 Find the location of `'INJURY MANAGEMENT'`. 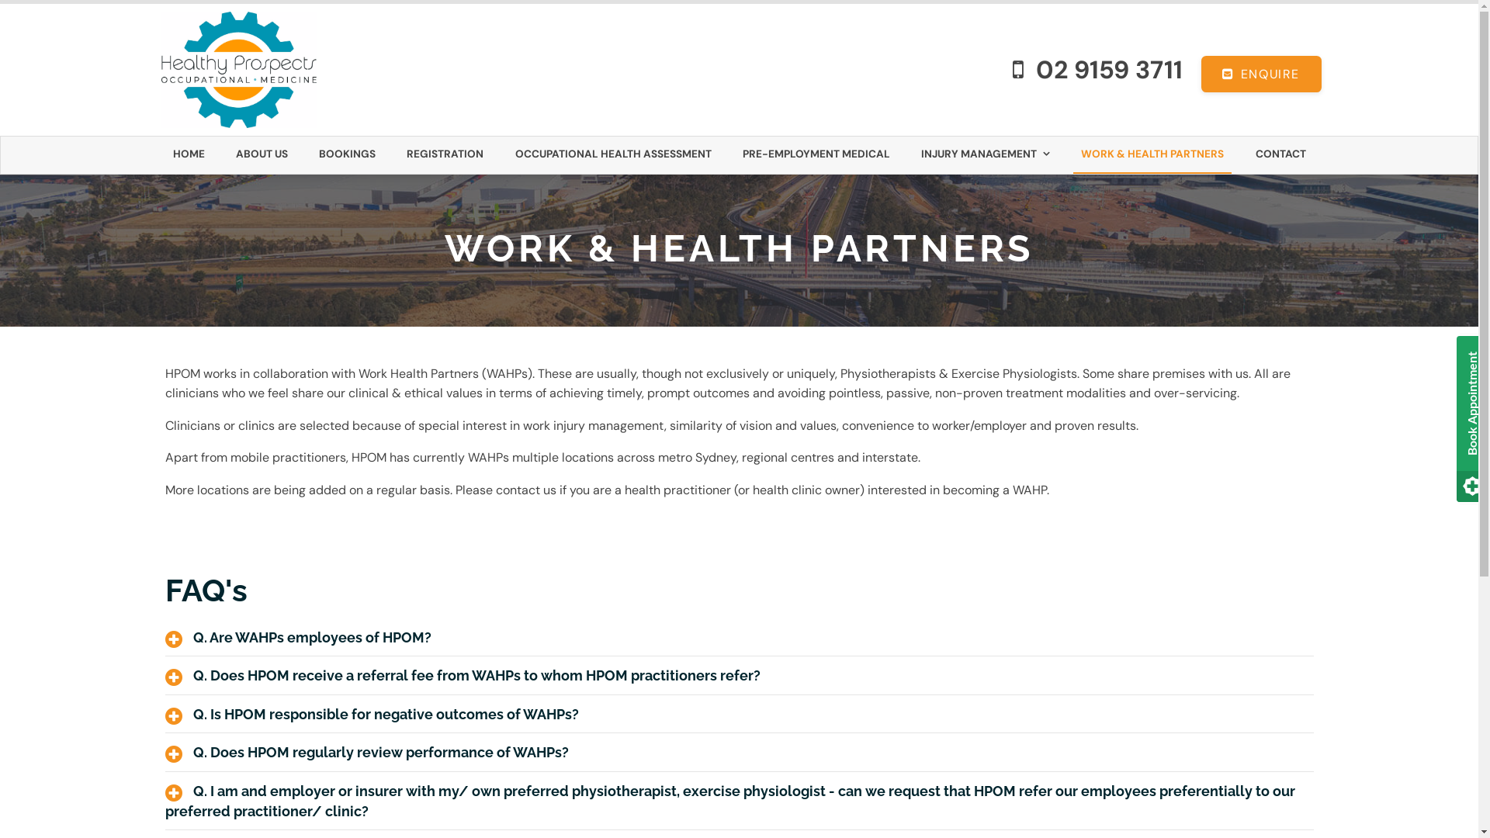

'INJURY MANAGEMENT' is located at coordinates (985, 155).